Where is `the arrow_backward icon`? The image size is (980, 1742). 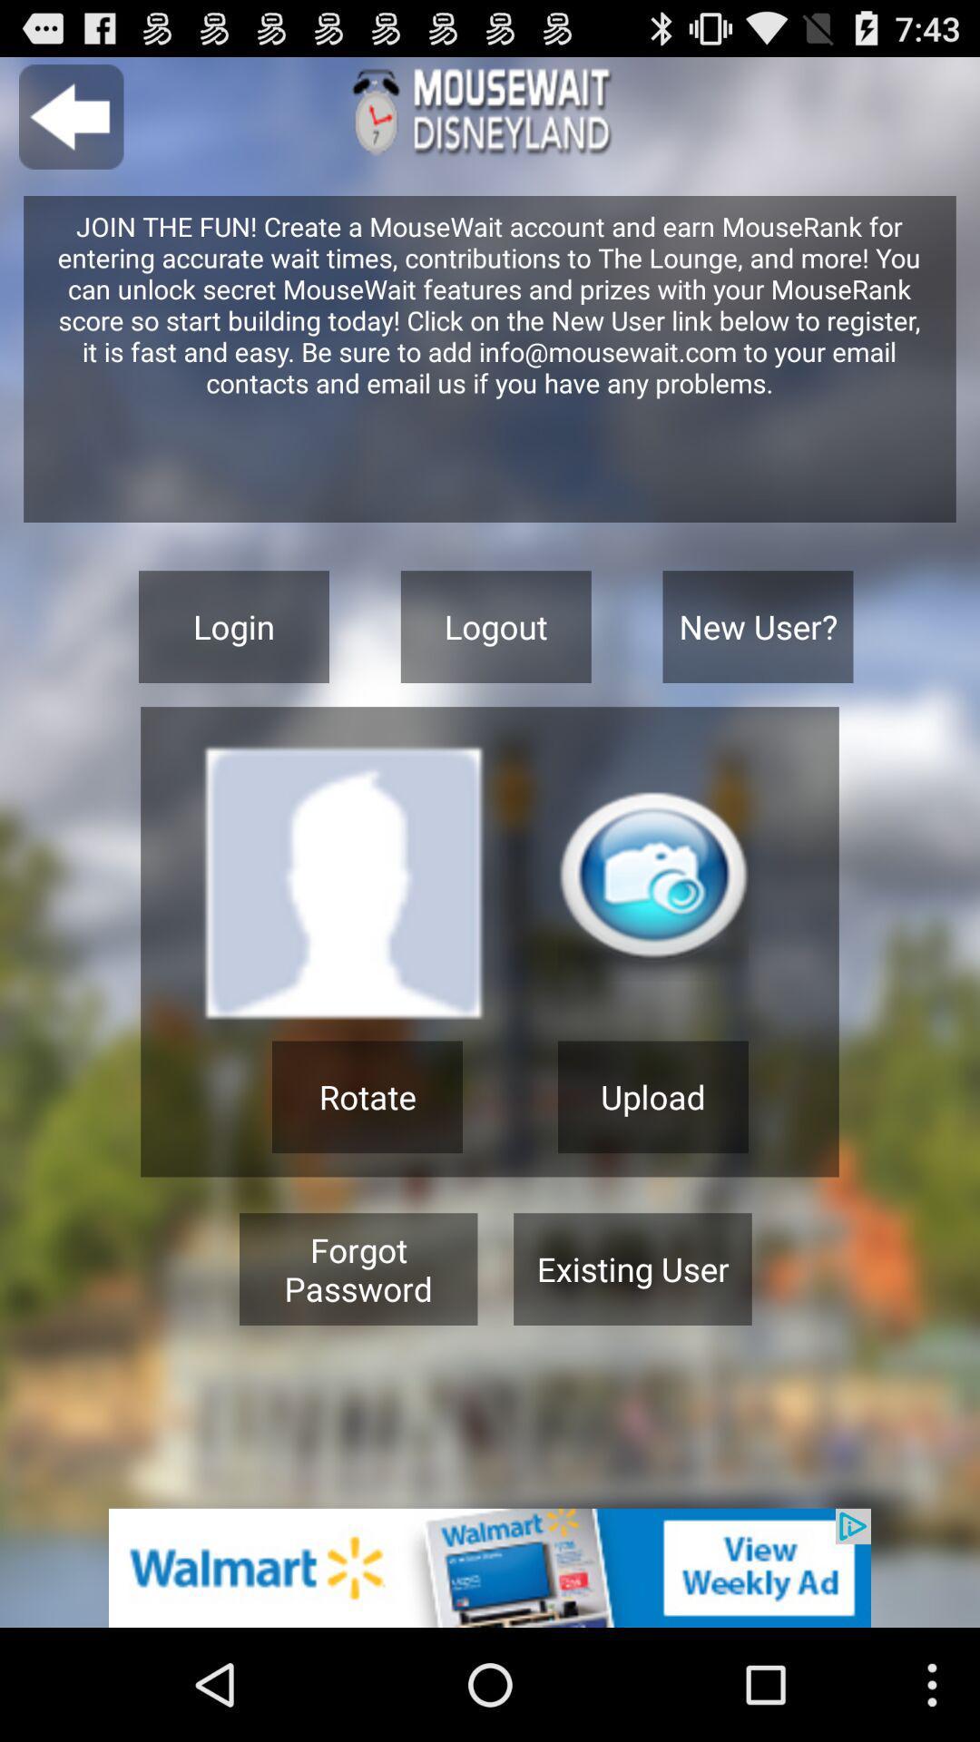
the arrow_backward icon is located at coordinates (70, 124).